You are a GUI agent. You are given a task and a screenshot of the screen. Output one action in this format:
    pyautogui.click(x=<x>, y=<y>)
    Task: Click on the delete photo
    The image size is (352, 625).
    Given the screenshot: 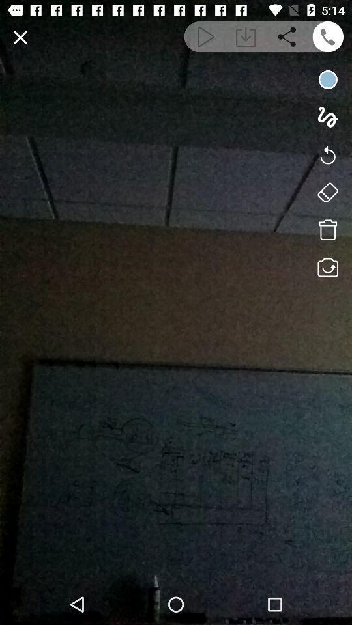 What is the action you would take?
    pyautogui.click(x=327, y=230)
    